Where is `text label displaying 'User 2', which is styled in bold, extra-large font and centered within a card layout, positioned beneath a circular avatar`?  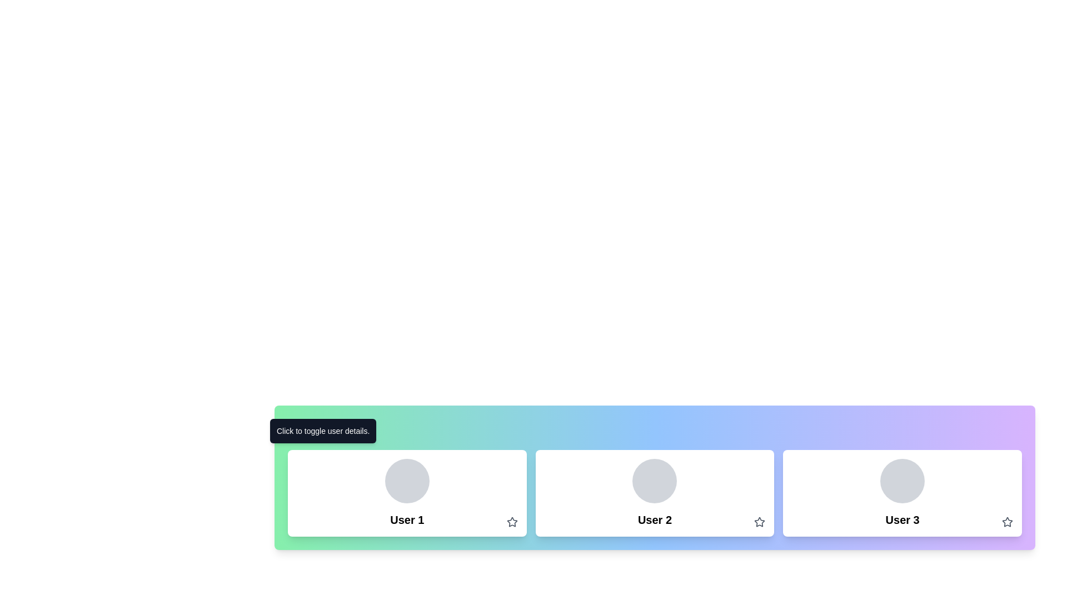 text label displaying 'User 2', which is styled in bold, extra-large font and centered within a card layout, positioned beneath a circular avatar is located at coordinates (655, 520).